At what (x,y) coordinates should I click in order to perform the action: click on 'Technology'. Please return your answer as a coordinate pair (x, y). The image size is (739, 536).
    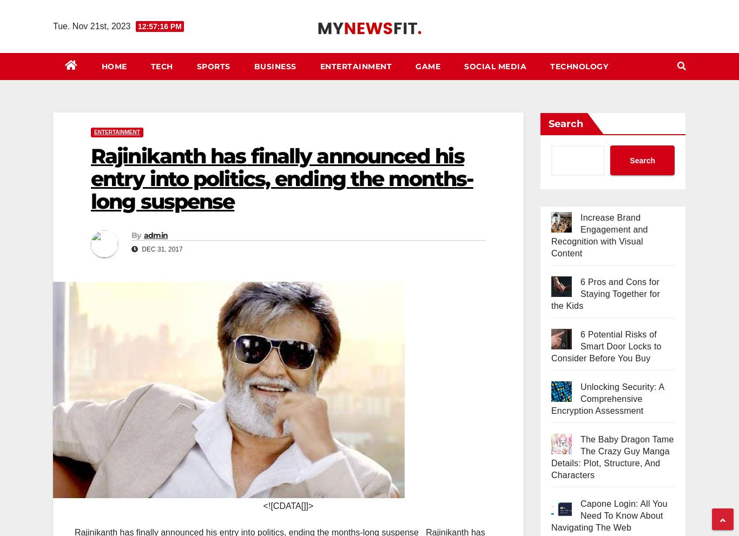
    Looking at the image, I should click on (578, 65).